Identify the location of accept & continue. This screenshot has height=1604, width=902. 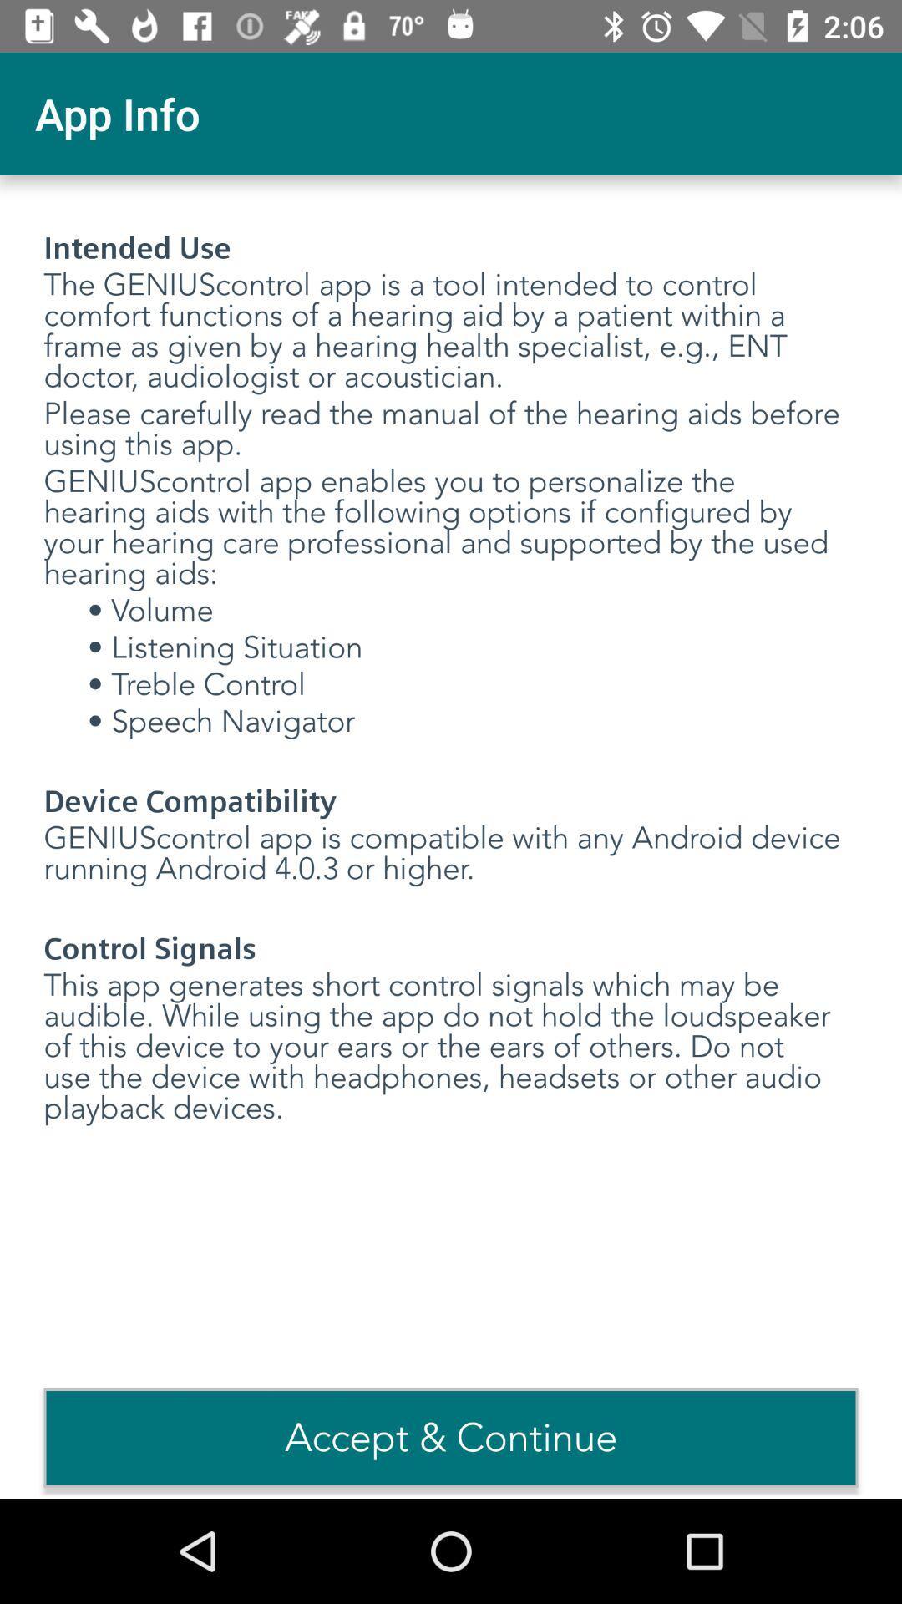
(451, 1437).